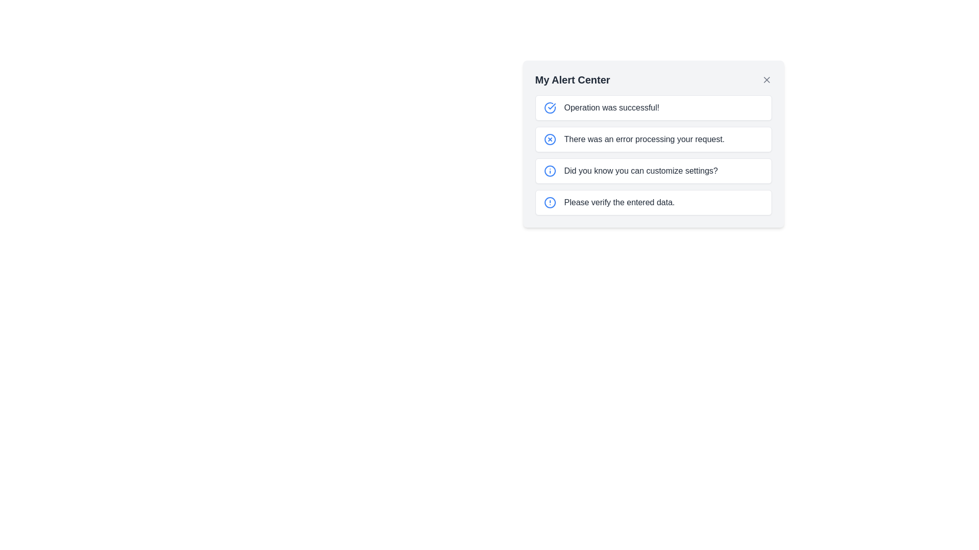  Describe the element at coordinates (653, 170) in the screenshot. I see `the informational card that is the third message in the 'My Alert Center' section, which provides users with awareness of customization options within the application` at that location.